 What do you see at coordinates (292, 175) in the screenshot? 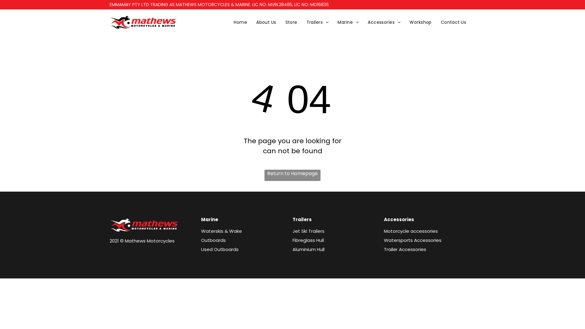
I see `'Return to Homepage'` at bounding box center [292, 175].